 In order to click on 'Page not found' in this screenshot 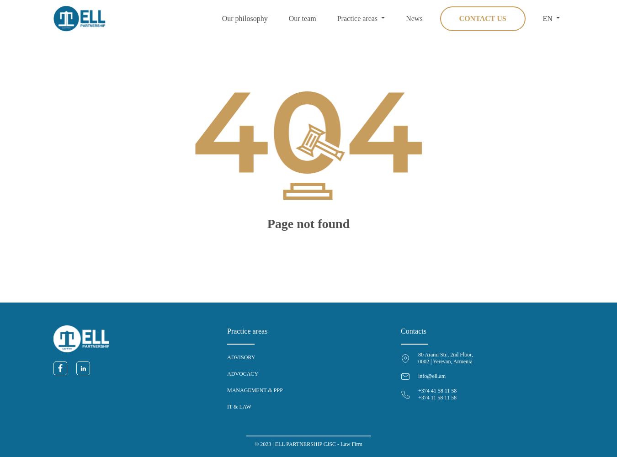, I will do `click(308, 223)`.